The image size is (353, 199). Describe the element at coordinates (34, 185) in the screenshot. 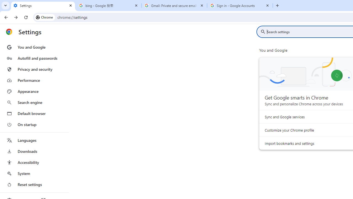

I see `'Reset settings'` at that location.